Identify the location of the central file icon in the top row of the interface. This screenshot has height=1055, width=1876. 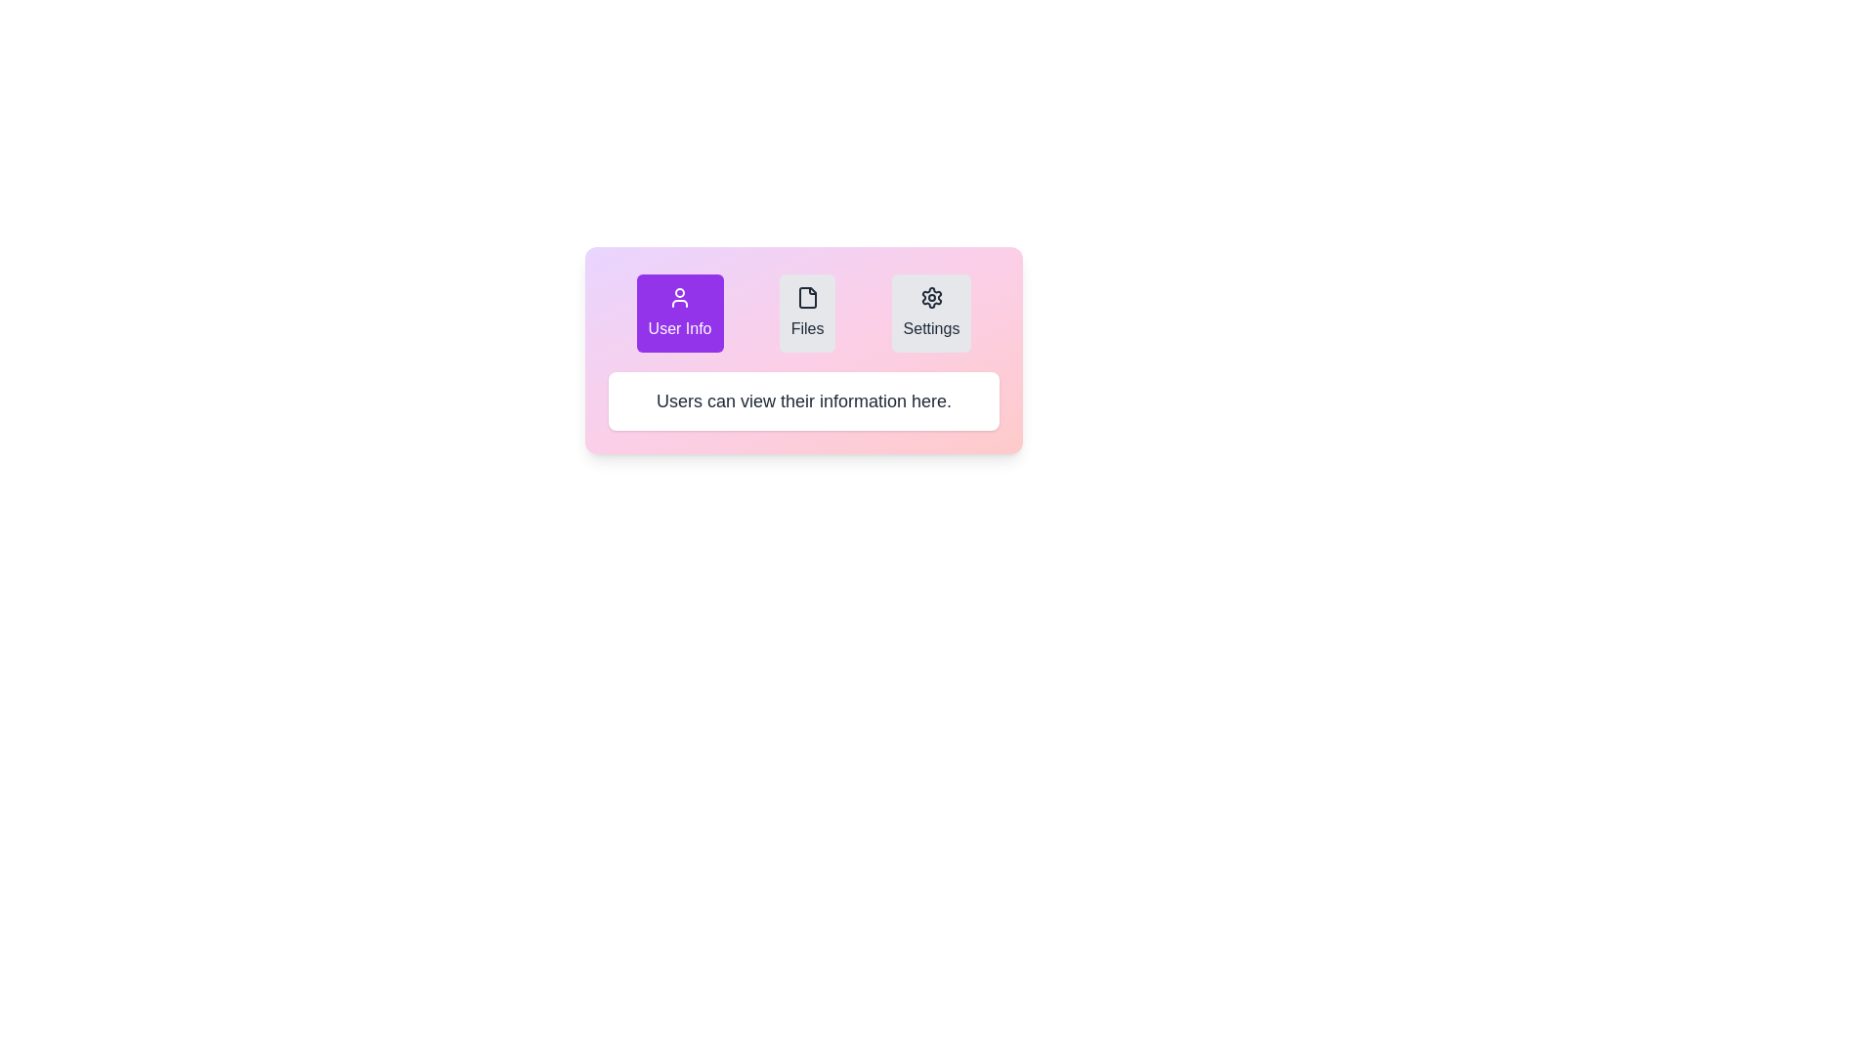
(807, 297).